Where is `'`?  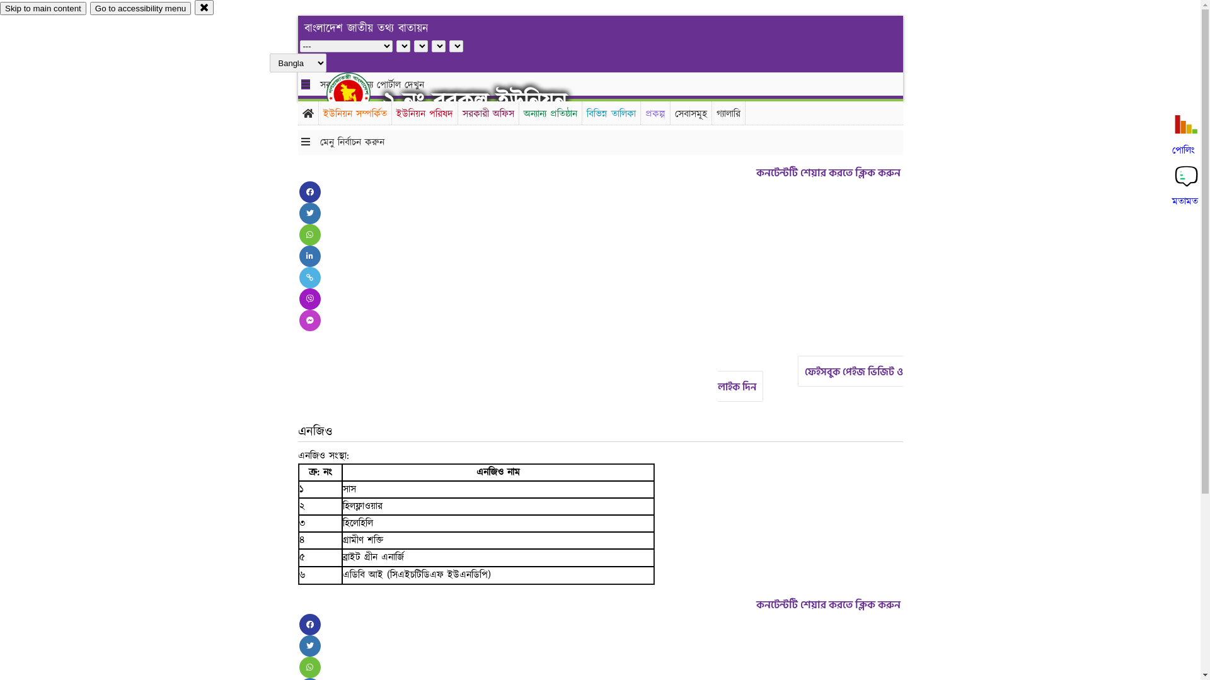
' is located at coordinates (326, 93).